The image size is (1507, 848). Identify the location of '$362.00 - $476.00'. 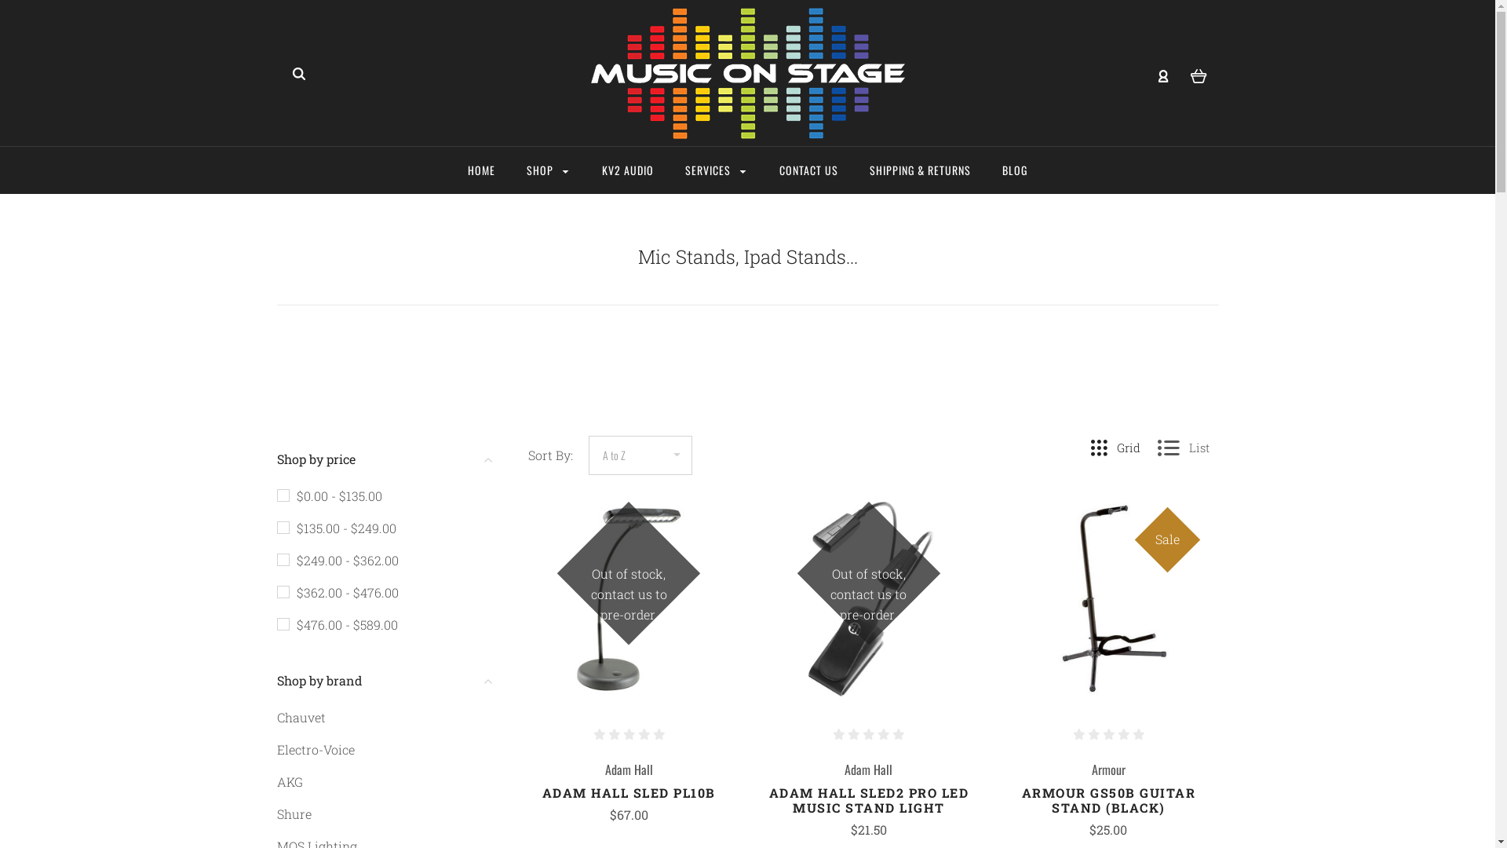
(336, 592).